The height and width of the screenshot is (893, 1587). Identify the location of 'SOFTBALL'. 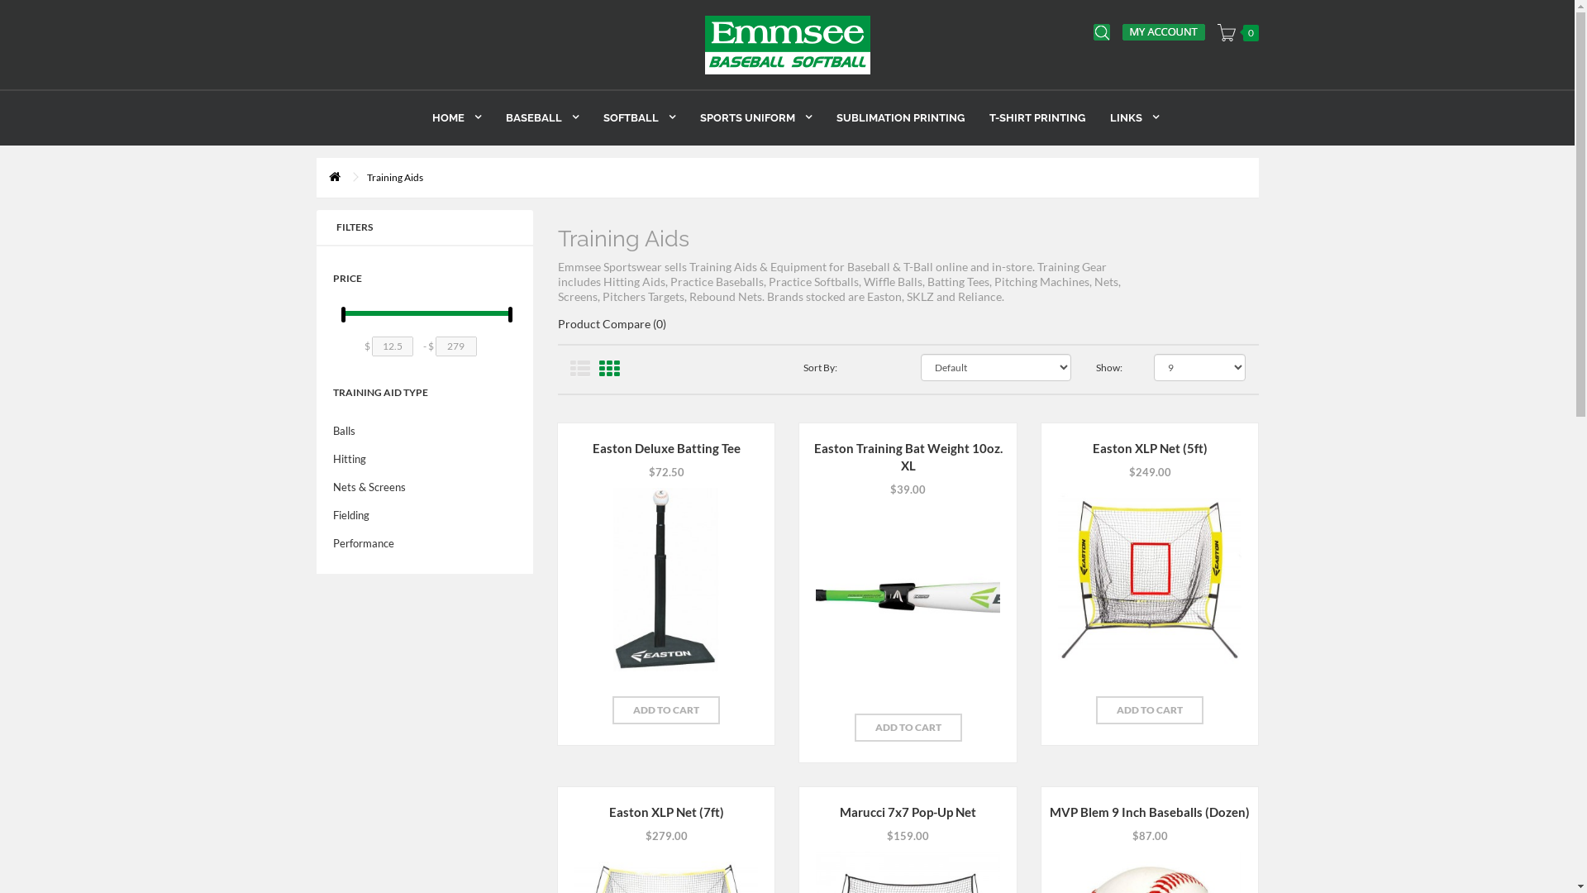
(630, 117).